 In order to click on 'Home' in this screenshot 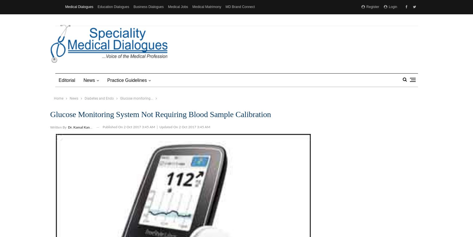, I will do `click(58, 98)`.